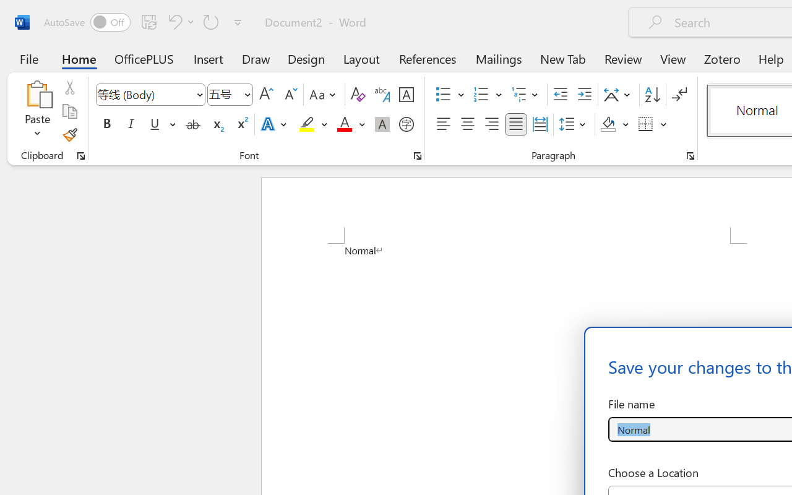 This screenshot has height=495, width=792. Describe the element at coordinates (224, 94) in the screenshot. I see `'Font Size'` at that location.